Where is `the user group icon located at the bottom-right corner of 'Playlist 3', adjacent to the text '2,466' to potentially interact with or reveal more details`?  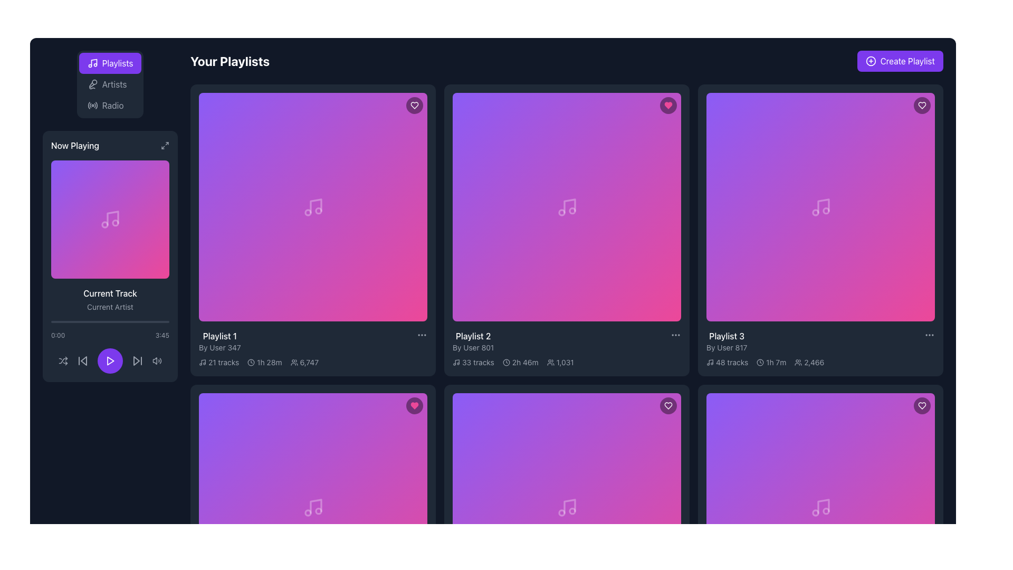
the user group icon located at the bottom-right corner of 'Playlist 3', adjacent to the text '2,466' to potentially interact with or reveal more details is located at coordinates (798, 362).